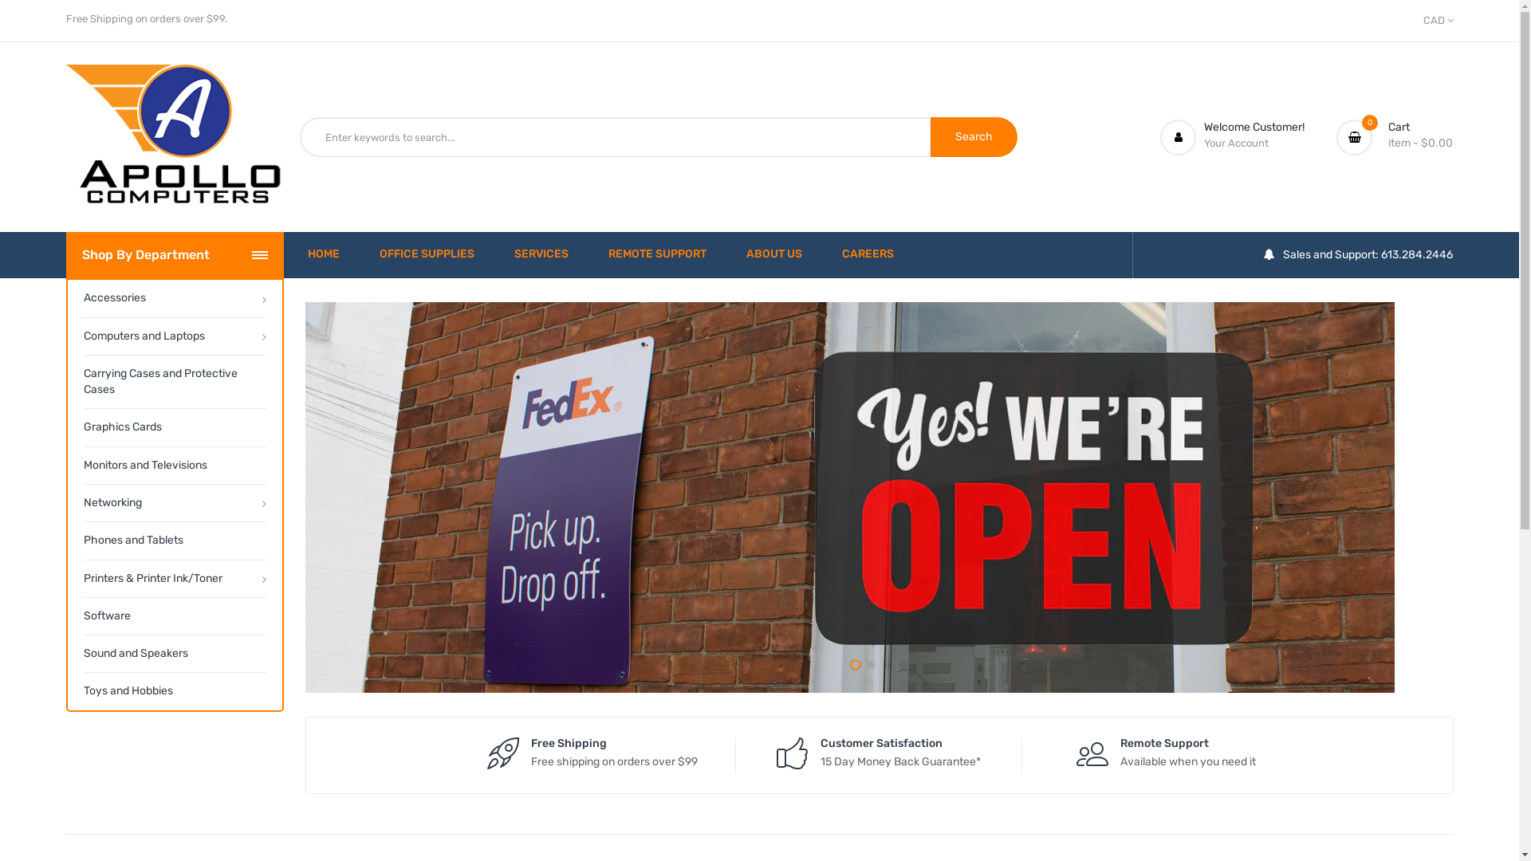 The width and height of the screenshot is (1531, 861). Describe the element at coordinates (174, 539) in the screenshot. I see `'Phones and Tablets'` at that location.